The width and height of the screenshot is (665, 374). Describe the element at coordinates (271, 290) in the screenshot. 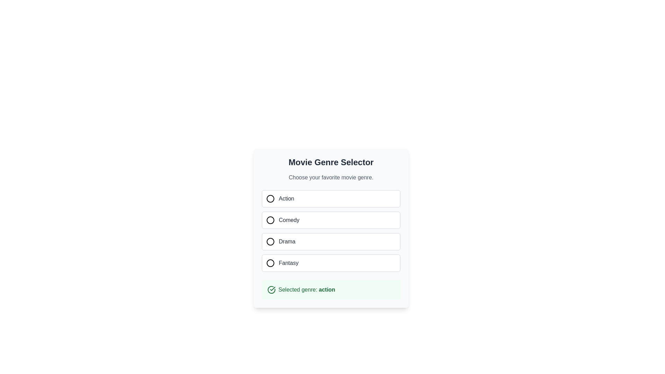

I see `the circular checkmark icon with a greenish border, located to the left of the text 'Selected genre: action'` at that location.